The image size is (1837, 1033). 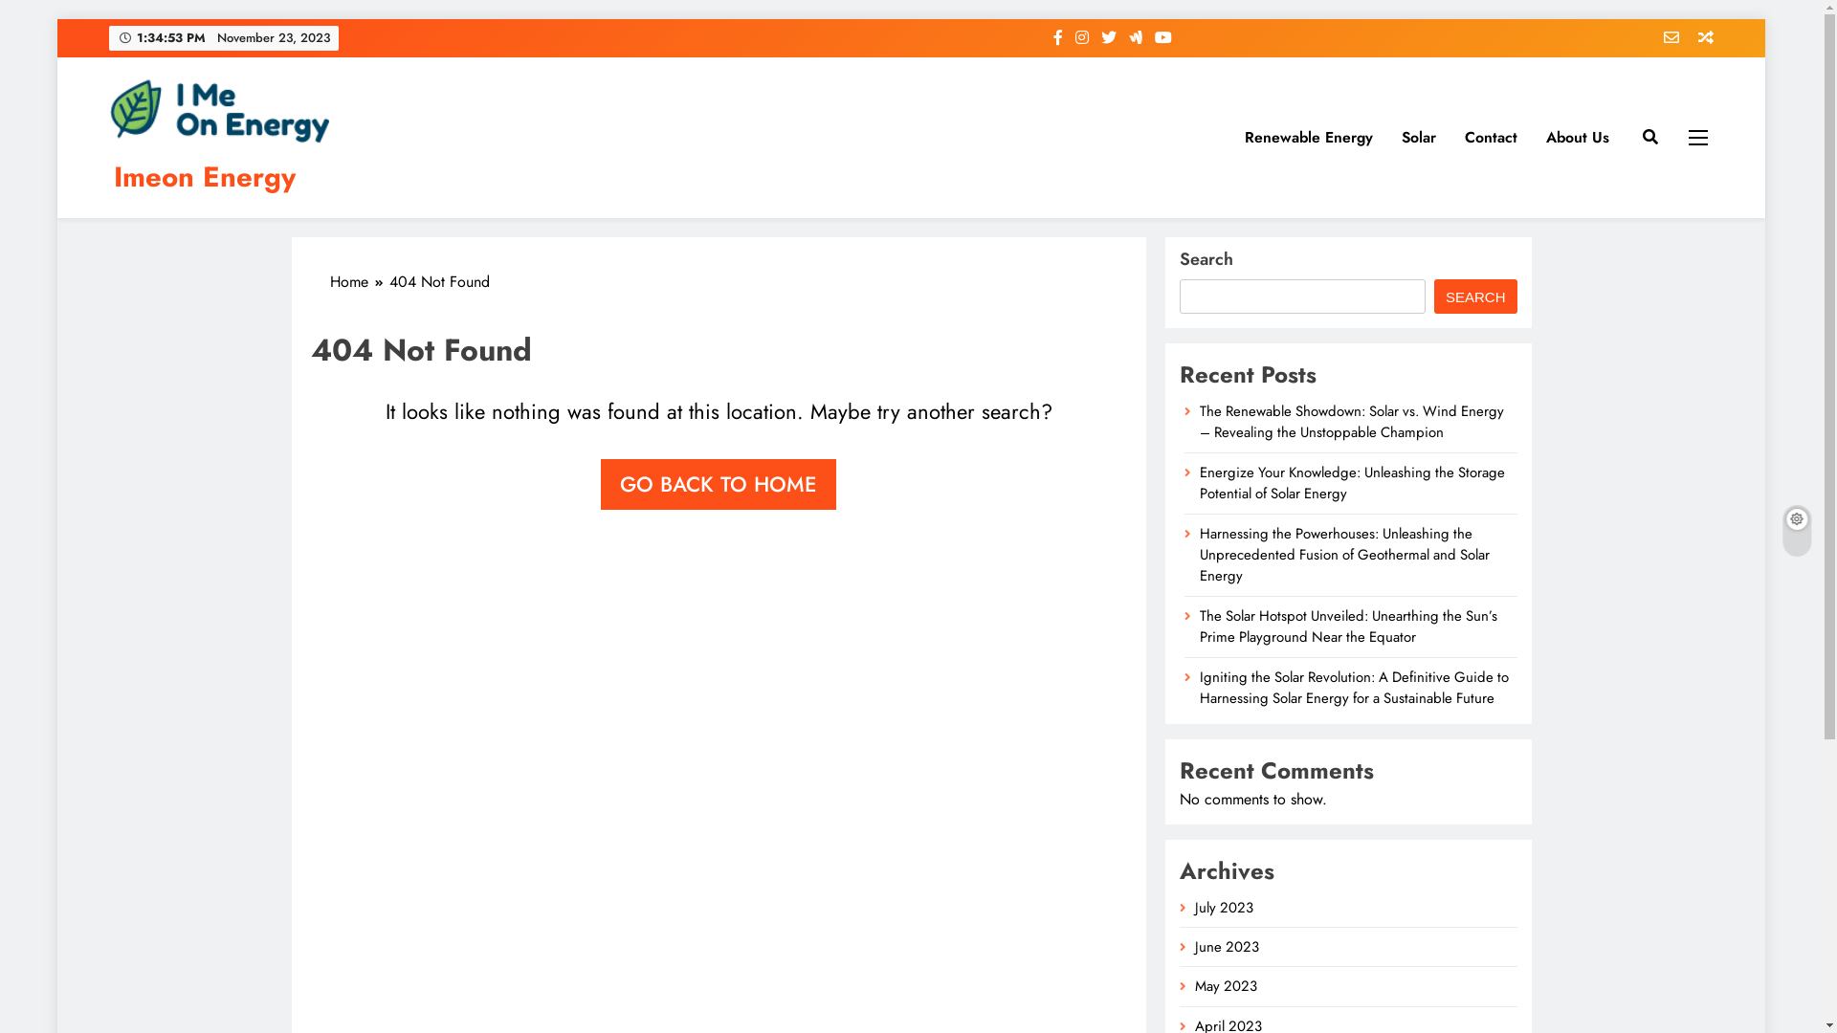 What do you see at coordinates (600, 483) in the screenshot?
I see `'GO BACK TO HOME'` at bounding box center [600, 483].